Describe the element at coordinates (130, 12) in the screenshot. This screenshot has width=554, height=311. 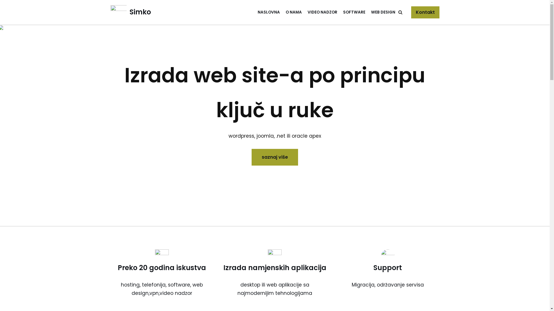
I see `'Simko'` at that location.